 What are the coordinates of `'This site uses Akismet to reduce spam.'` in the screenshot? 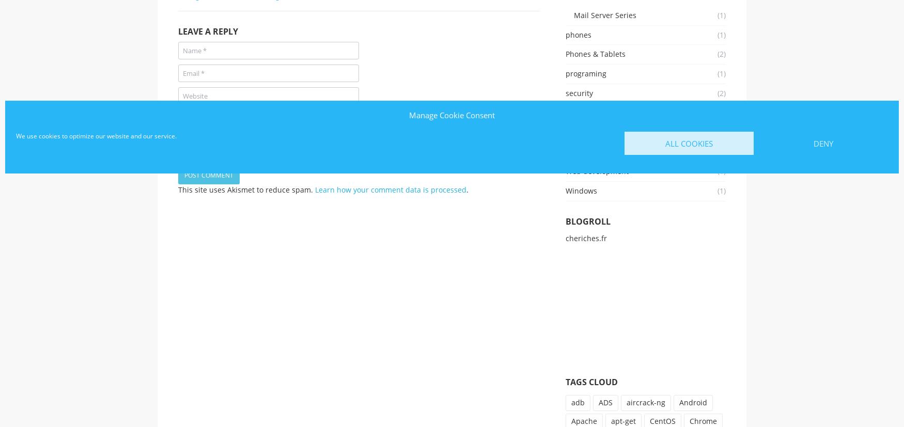 It's located at (246, 189).